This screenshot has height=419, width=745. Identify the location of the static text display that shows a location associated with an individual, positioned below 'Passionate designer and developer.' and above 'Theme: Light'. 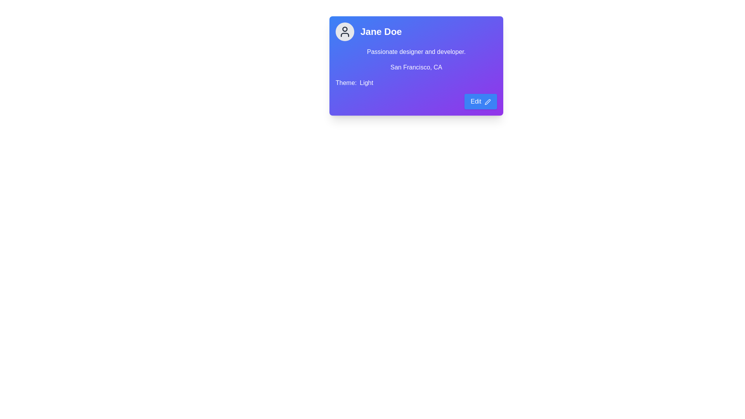
(416, 67).